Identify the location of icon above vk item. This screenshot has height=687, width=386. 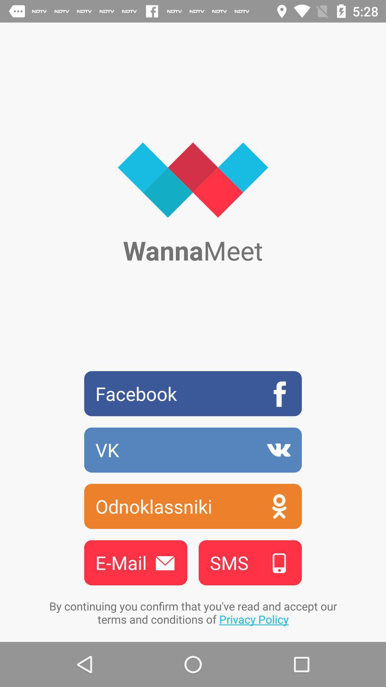
(193, 393).